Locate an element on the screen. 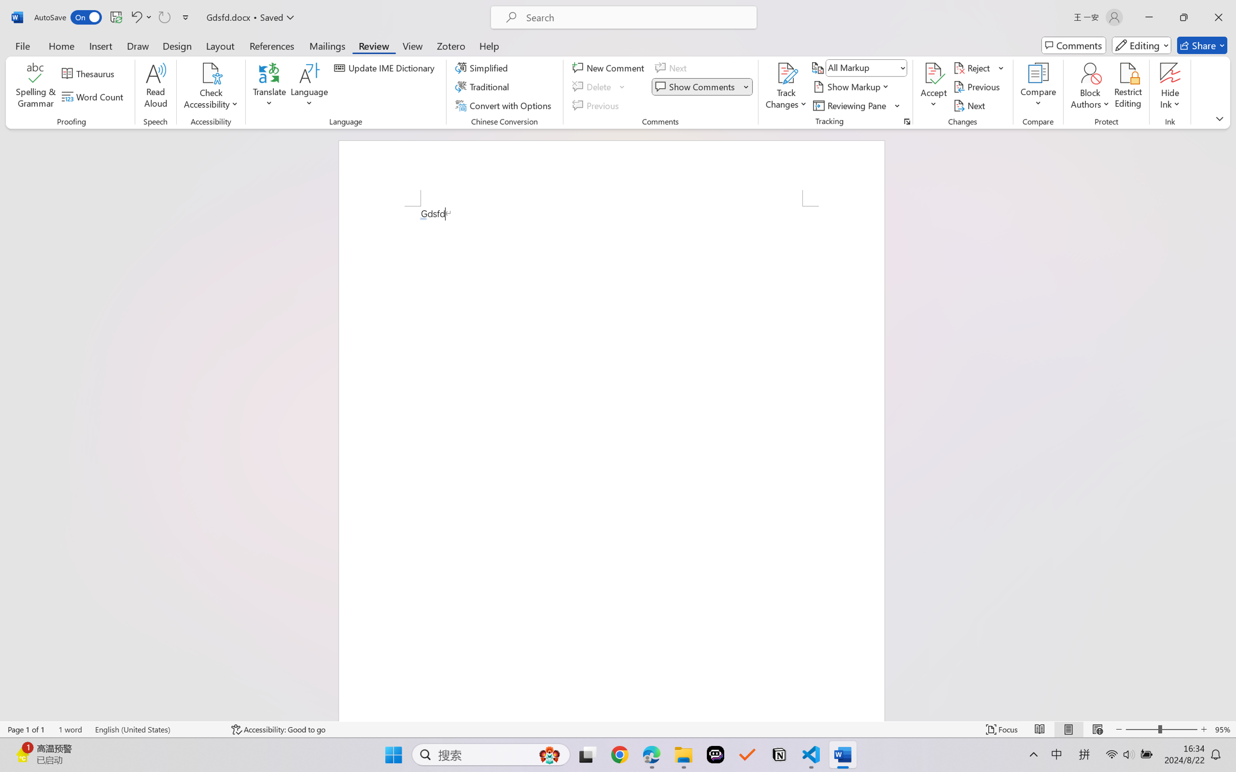  'Spelling & Grammar' is located at coordinates (35, 87).